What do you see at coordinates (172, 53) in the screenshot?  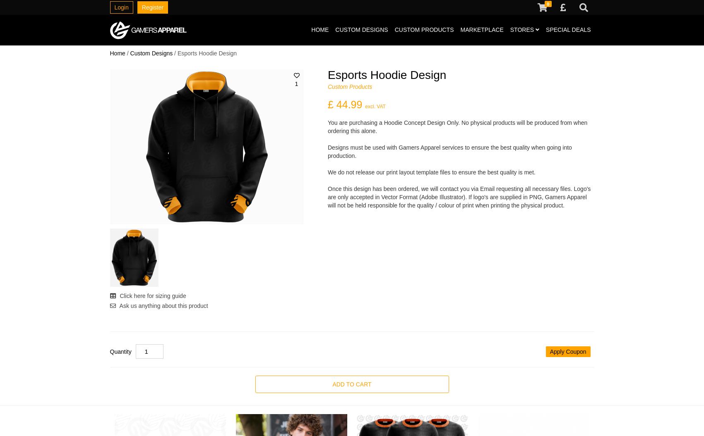 I see `'/
    Esports Hoodie Design'` at bounding box center [172, 53].